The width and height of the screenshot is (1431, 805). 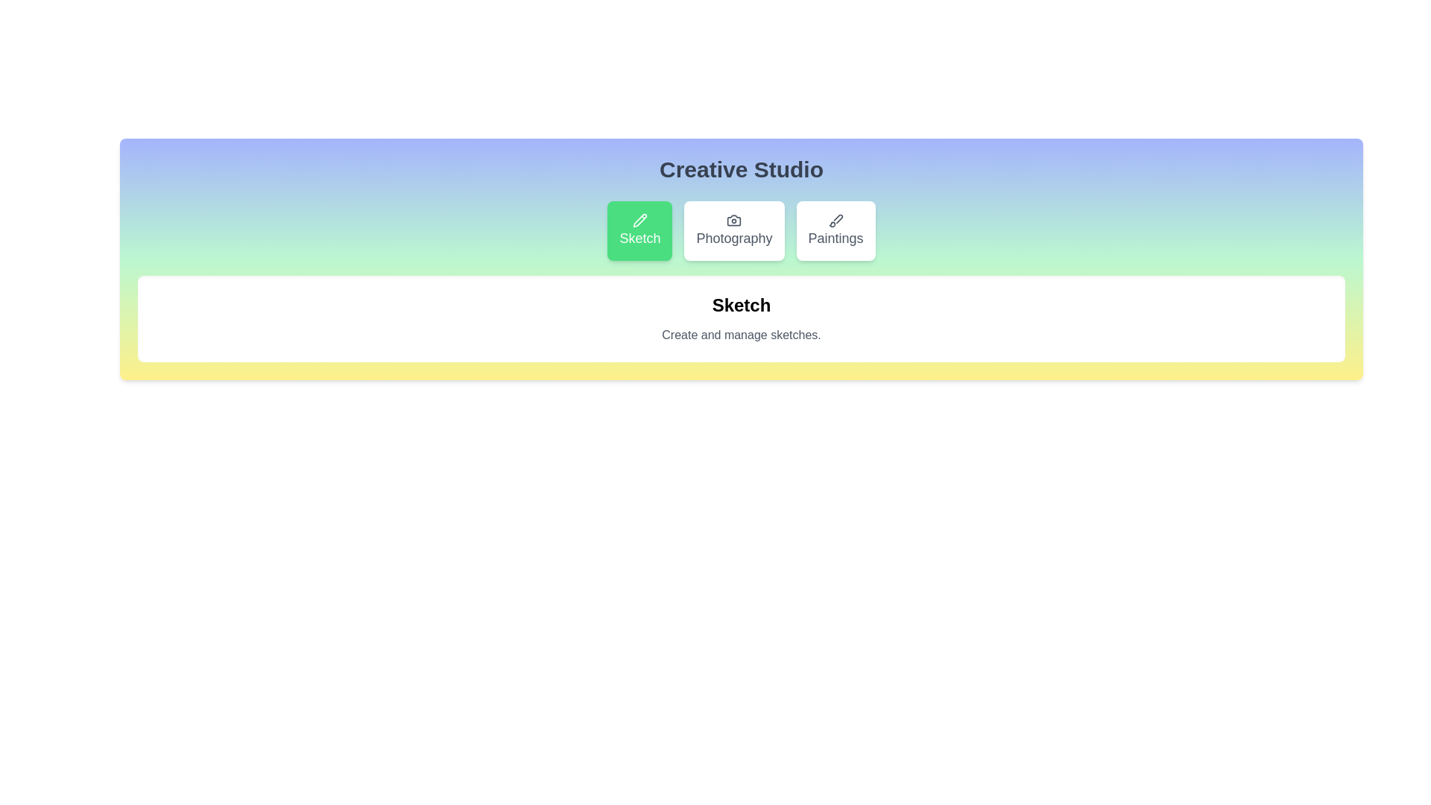 What do you see at coordinates (835, 230) in the screenshot?
I see `the Paintings button to reveal its hover effect` at bounding box center [835, 230].